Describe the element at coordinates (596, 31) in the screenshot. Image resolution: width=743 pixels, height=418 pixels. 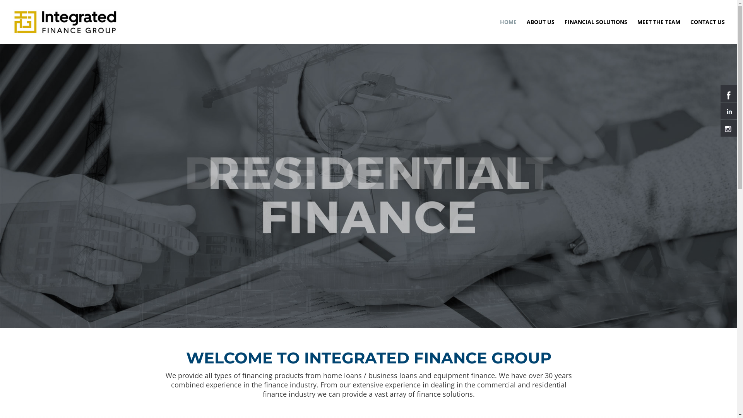
I see `'FINANCIAL SOLUTIONS'` at that location.